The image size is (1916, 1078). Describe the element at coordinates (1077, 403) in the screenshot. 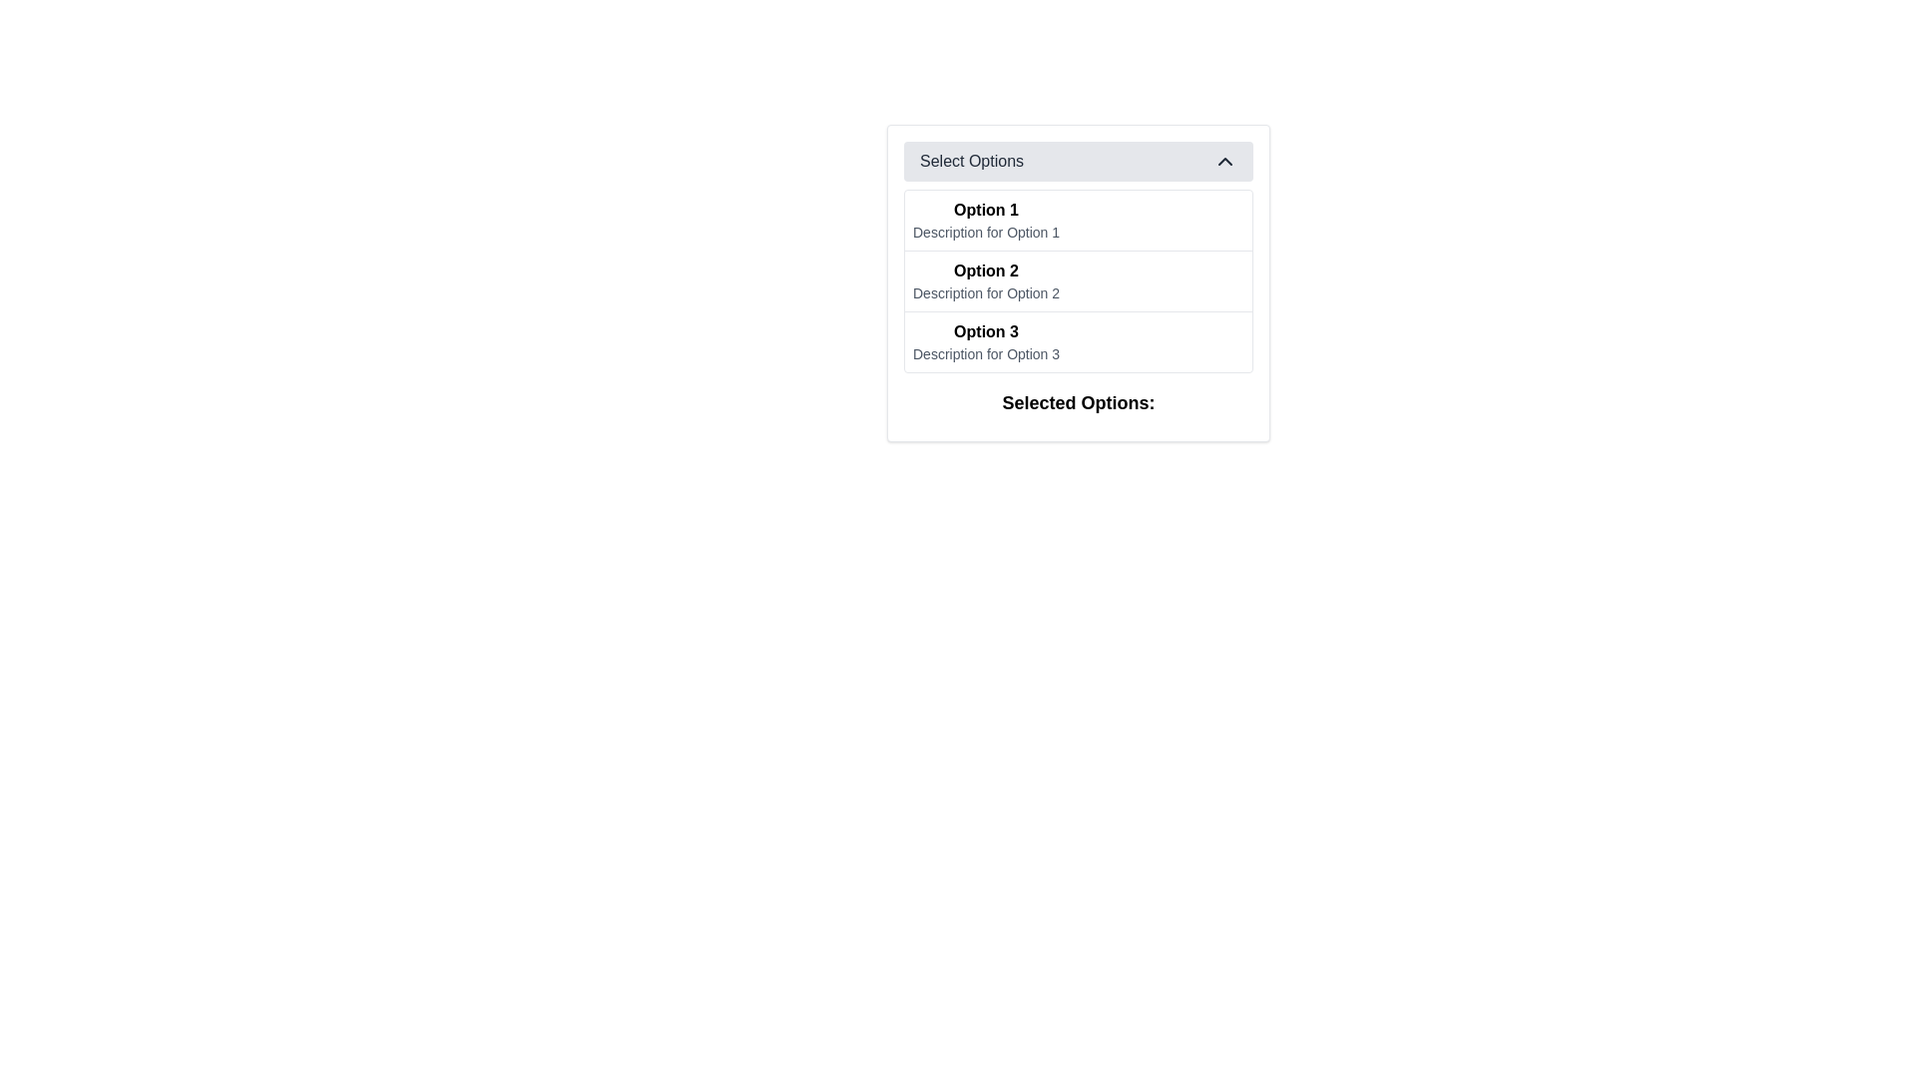

I see `the text label element located at the bottom of the bordered white box, which indicates the selected options from the above list` at that location.